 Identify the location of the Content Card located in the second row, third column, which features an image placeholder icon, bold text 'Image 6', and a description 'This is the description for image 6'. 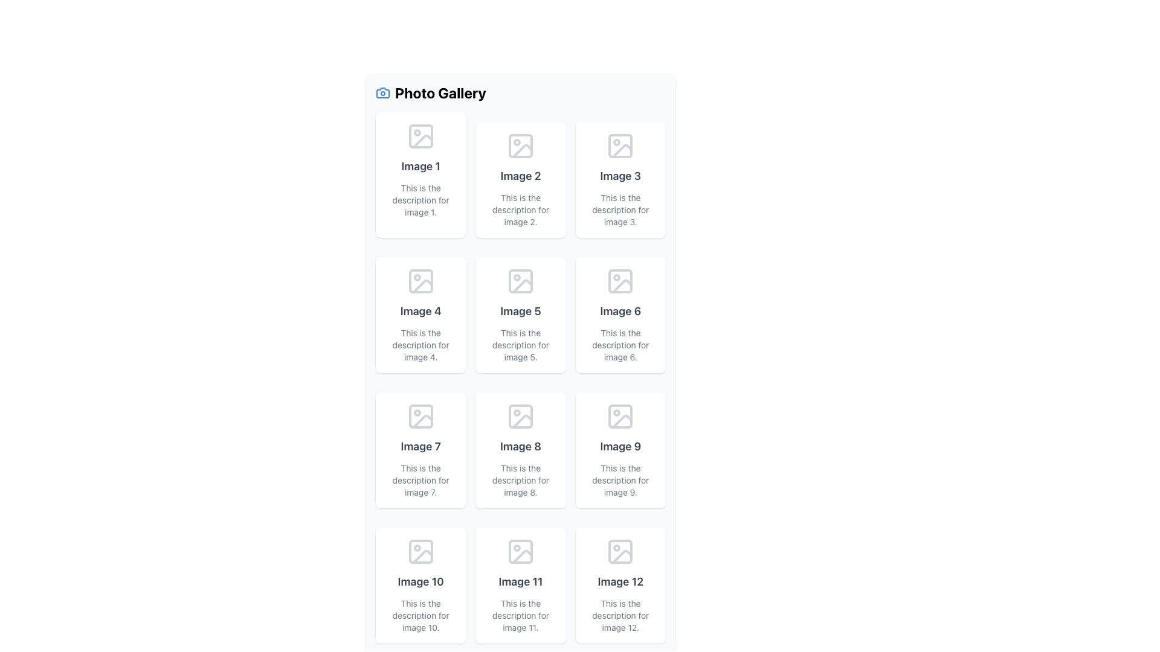
(620, 314).